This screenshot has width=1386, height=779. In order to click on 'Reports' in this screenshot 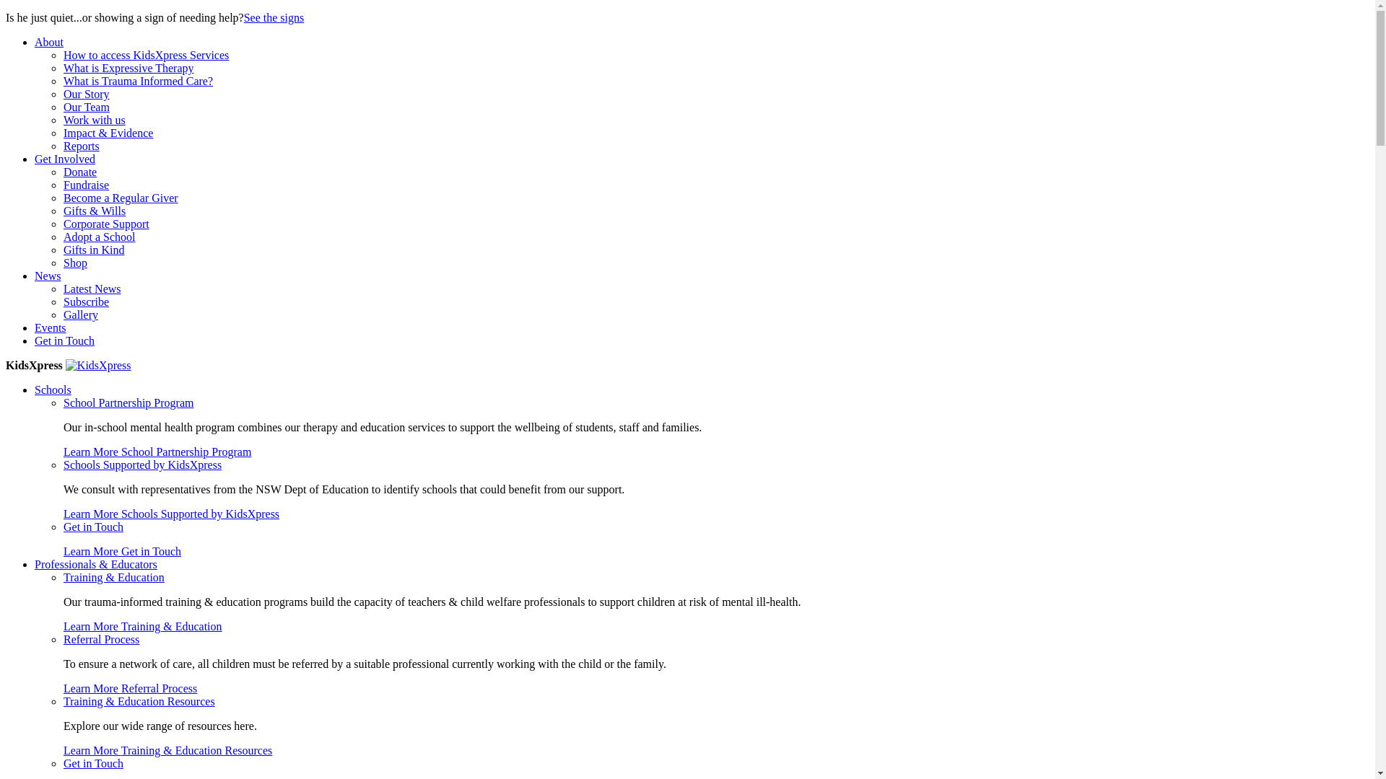, I will do `click(81, 146)`.